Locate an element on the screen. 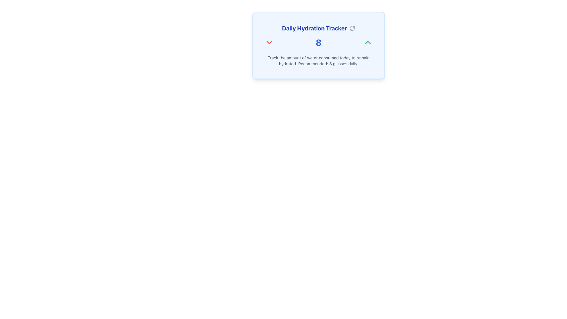 The height and width of the screenshot is (319, 567). the decrement button in the Daily Hydration Tracker section, which is positioned to the left of the number '8' and the green upwards arrow icon is located at coordinates (269, 42).